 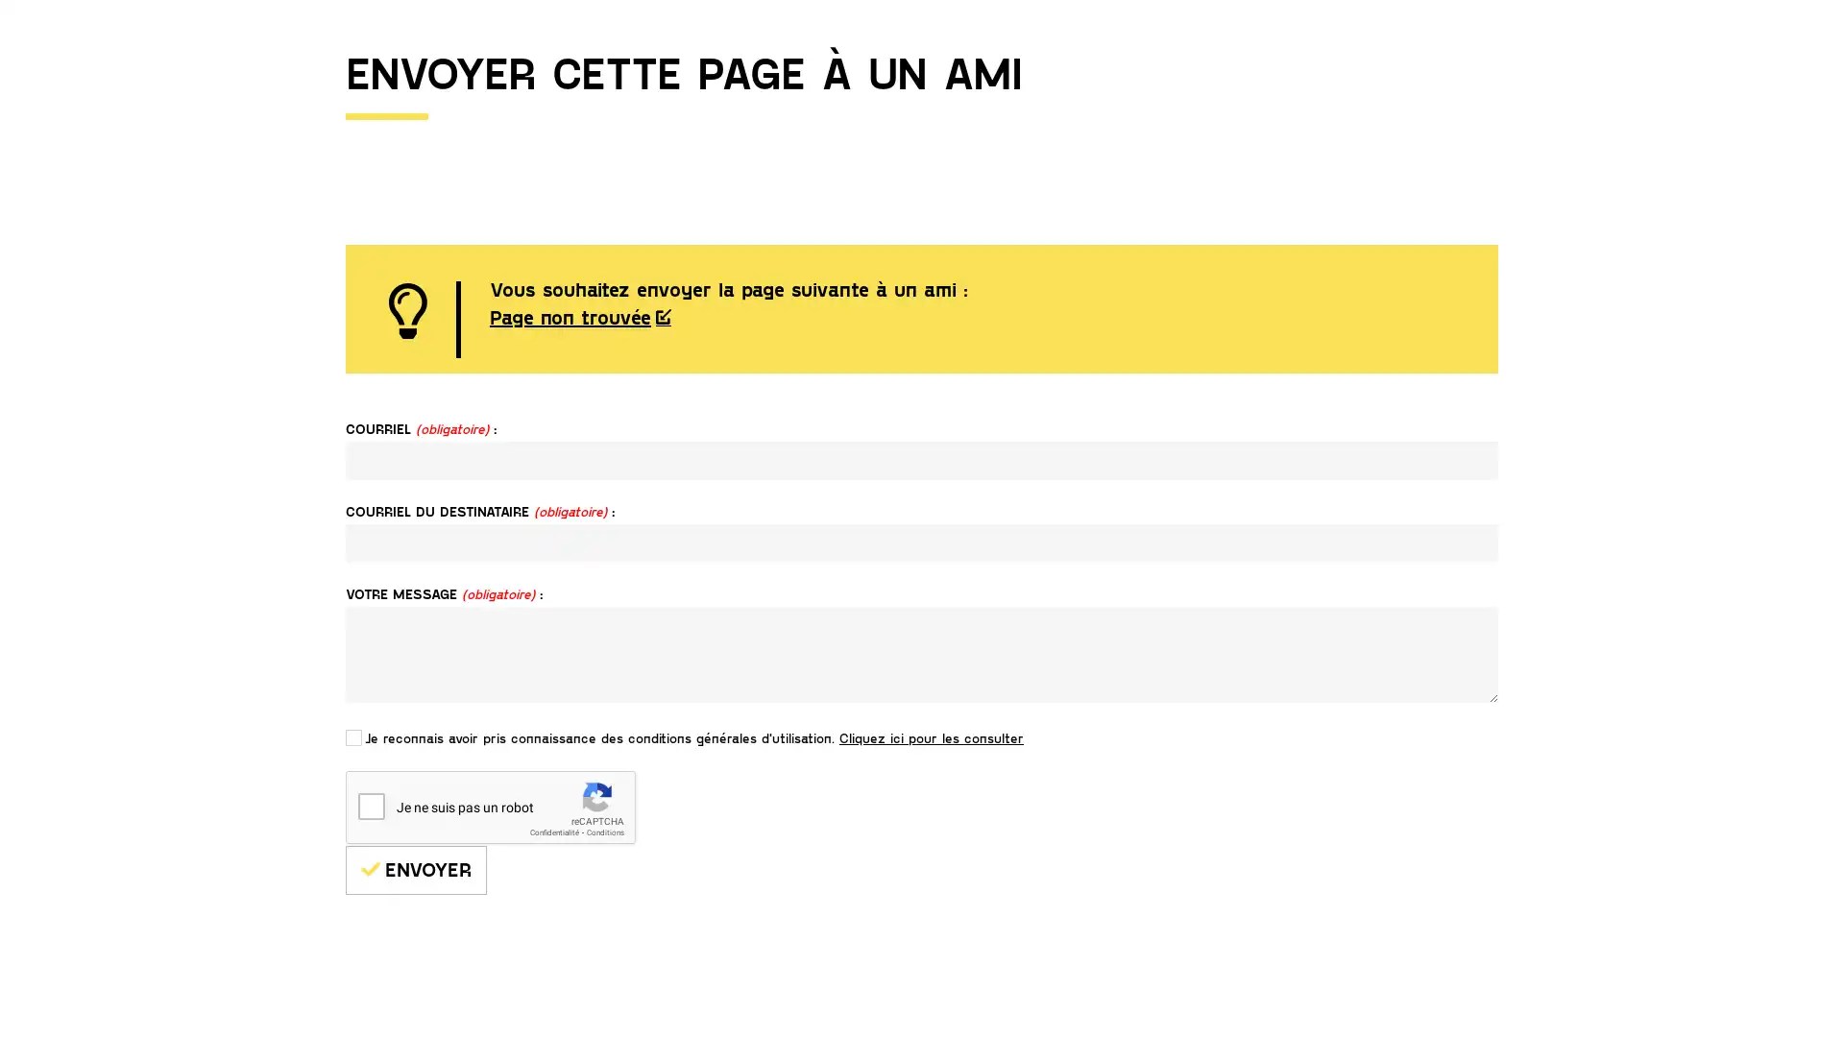 I want to click on Cliquez ici pour les consulter, so click(x=931, y=736).